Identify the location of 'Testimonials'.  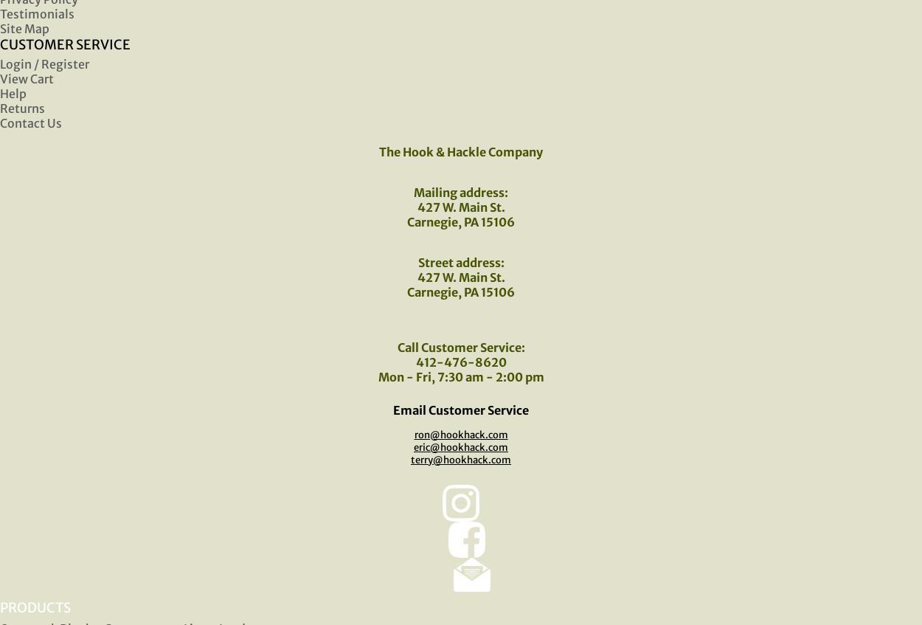
(37, 13).